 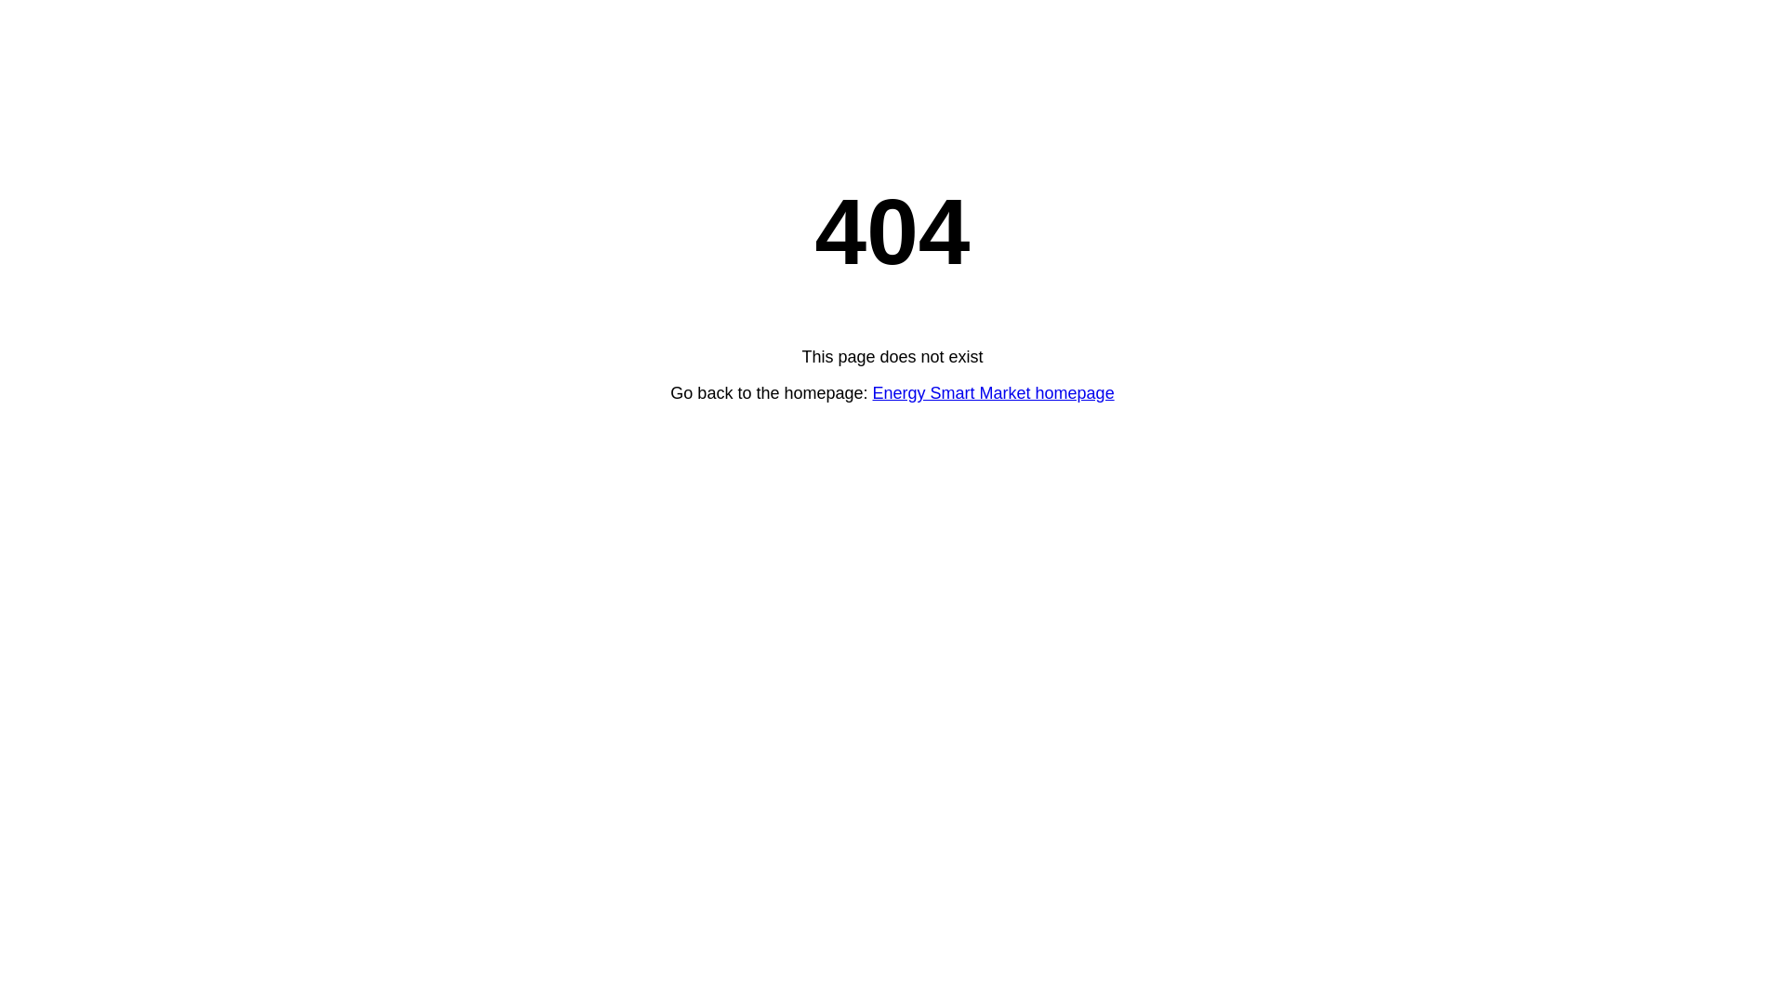 What do you see at coordinates (993, 392) in the screenshot?
I see `'Energy Smart Market homepage'` at bounding box center [993, 392].